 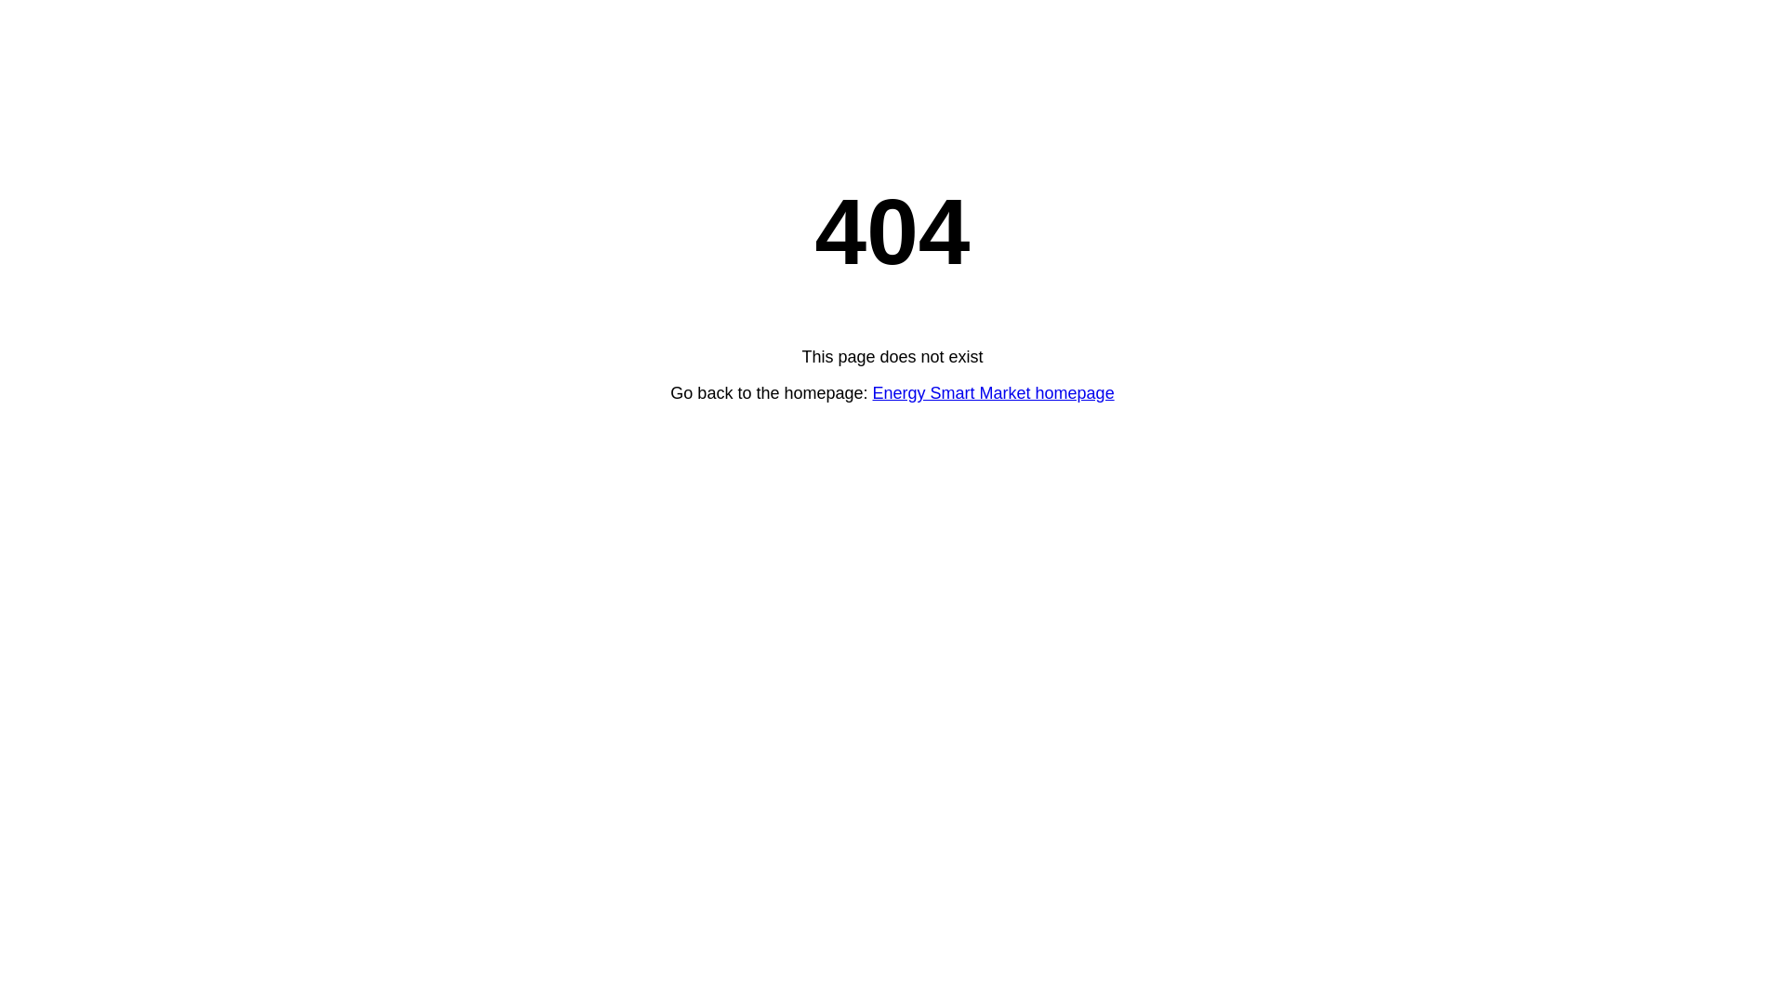 What do you see at coordinates (993, 392) in the screenshot?
I see `'Energy Smart Market homepage'` at bounding box center [993, 392].